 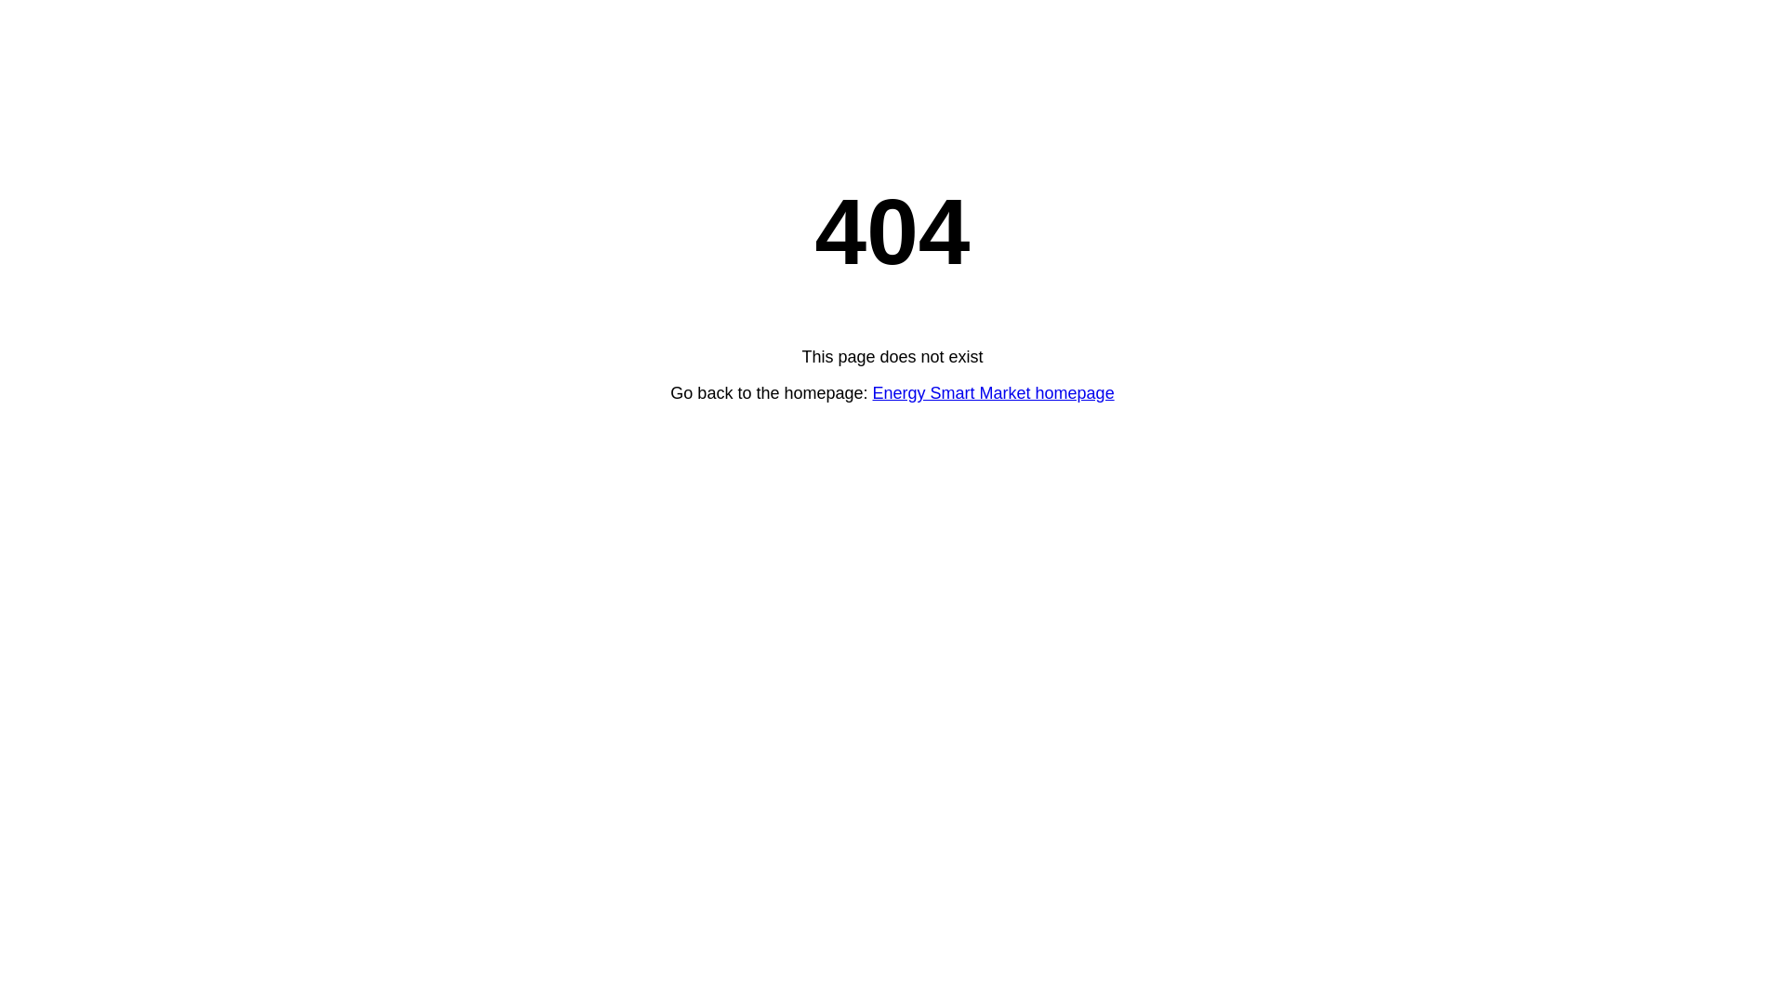 What do you see at coordinates (993, 392) in the screenshot?
I see `'Energy Smart Market homepage'` at bounding box center [993, 392].